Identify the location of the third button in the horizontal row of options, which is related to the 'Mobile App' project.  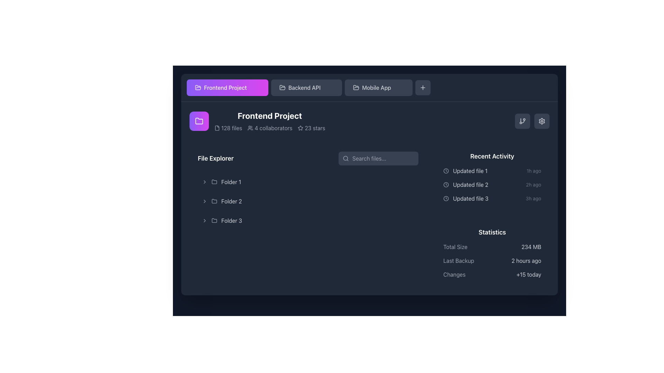
(378, 87).